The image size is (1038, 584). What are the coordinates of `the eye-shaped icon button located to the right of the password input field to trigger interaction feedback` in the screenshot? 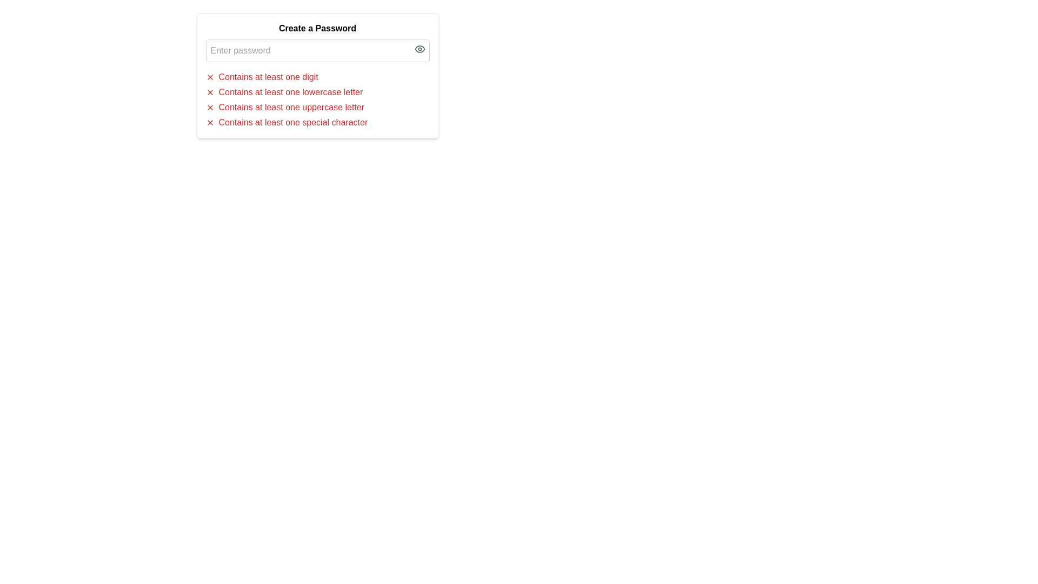 It's located at (419, 49).